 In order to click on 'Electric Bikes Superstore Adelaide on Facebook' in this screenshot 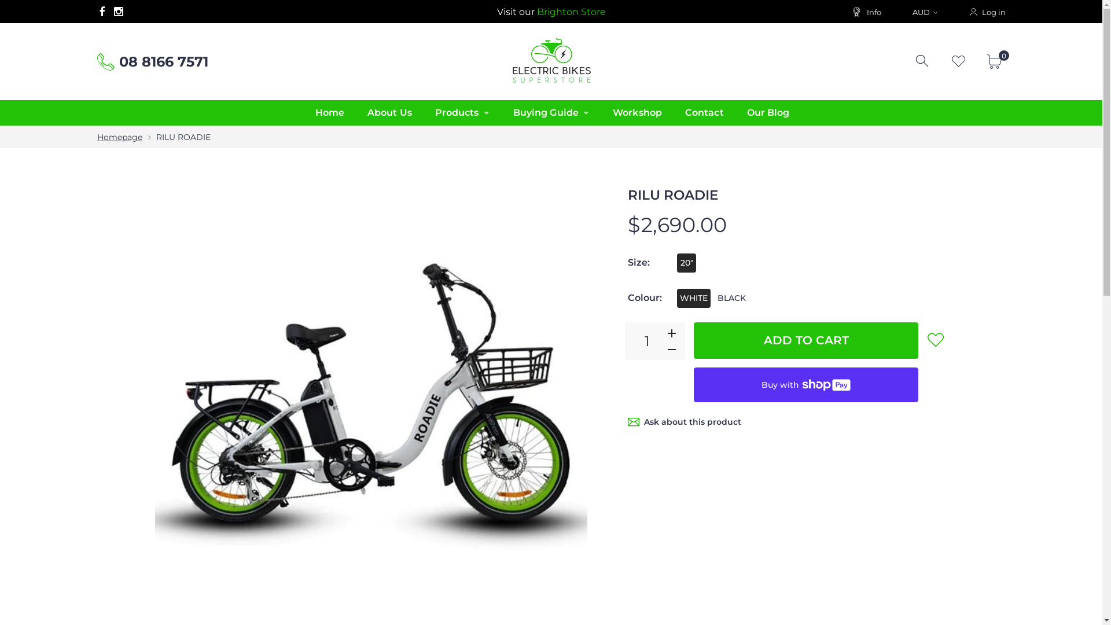, I will do `click(102, 11)`.